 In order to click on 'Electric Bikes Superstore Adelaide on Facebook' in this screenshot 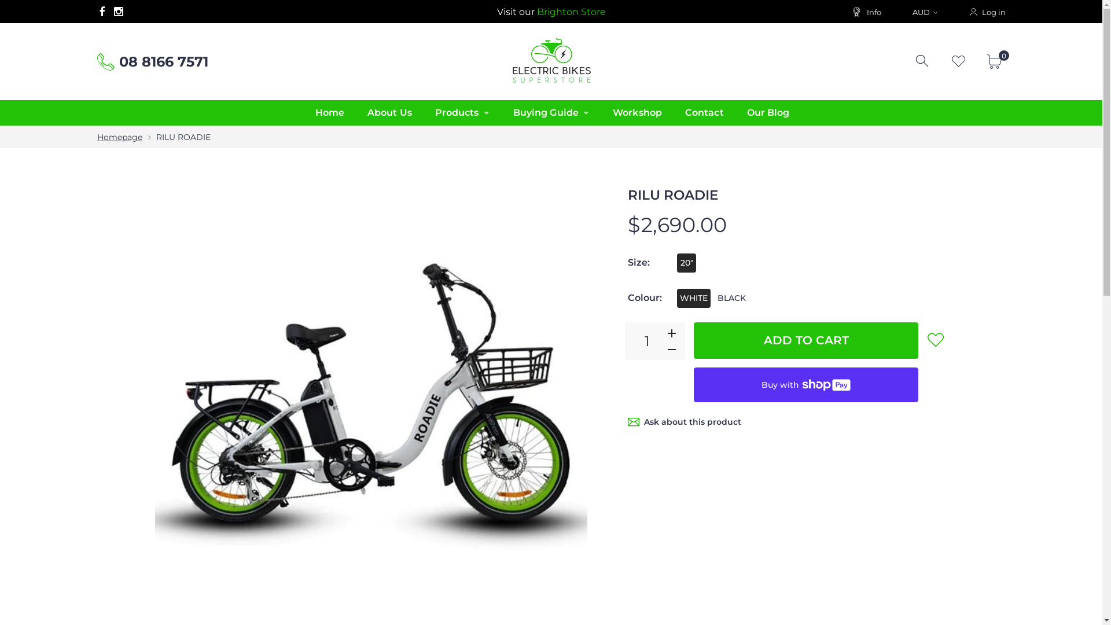, I will do `click(102, 11)`.